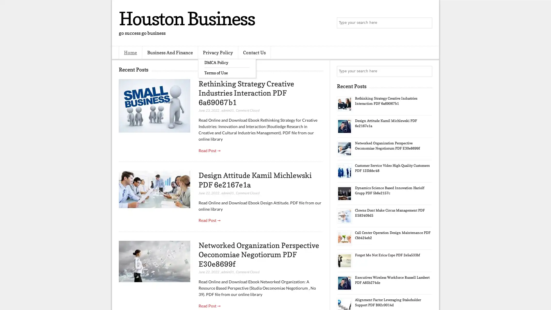  I want to click on Search, so click(426, 23).